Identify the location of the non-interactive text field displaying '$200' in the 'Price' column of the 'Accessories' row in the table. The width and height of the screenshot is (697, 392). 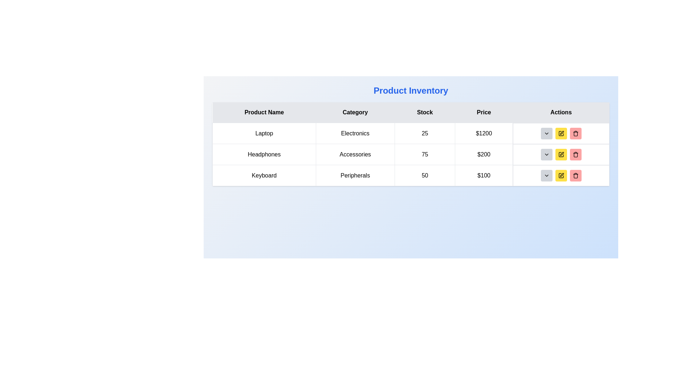
(484, 154).